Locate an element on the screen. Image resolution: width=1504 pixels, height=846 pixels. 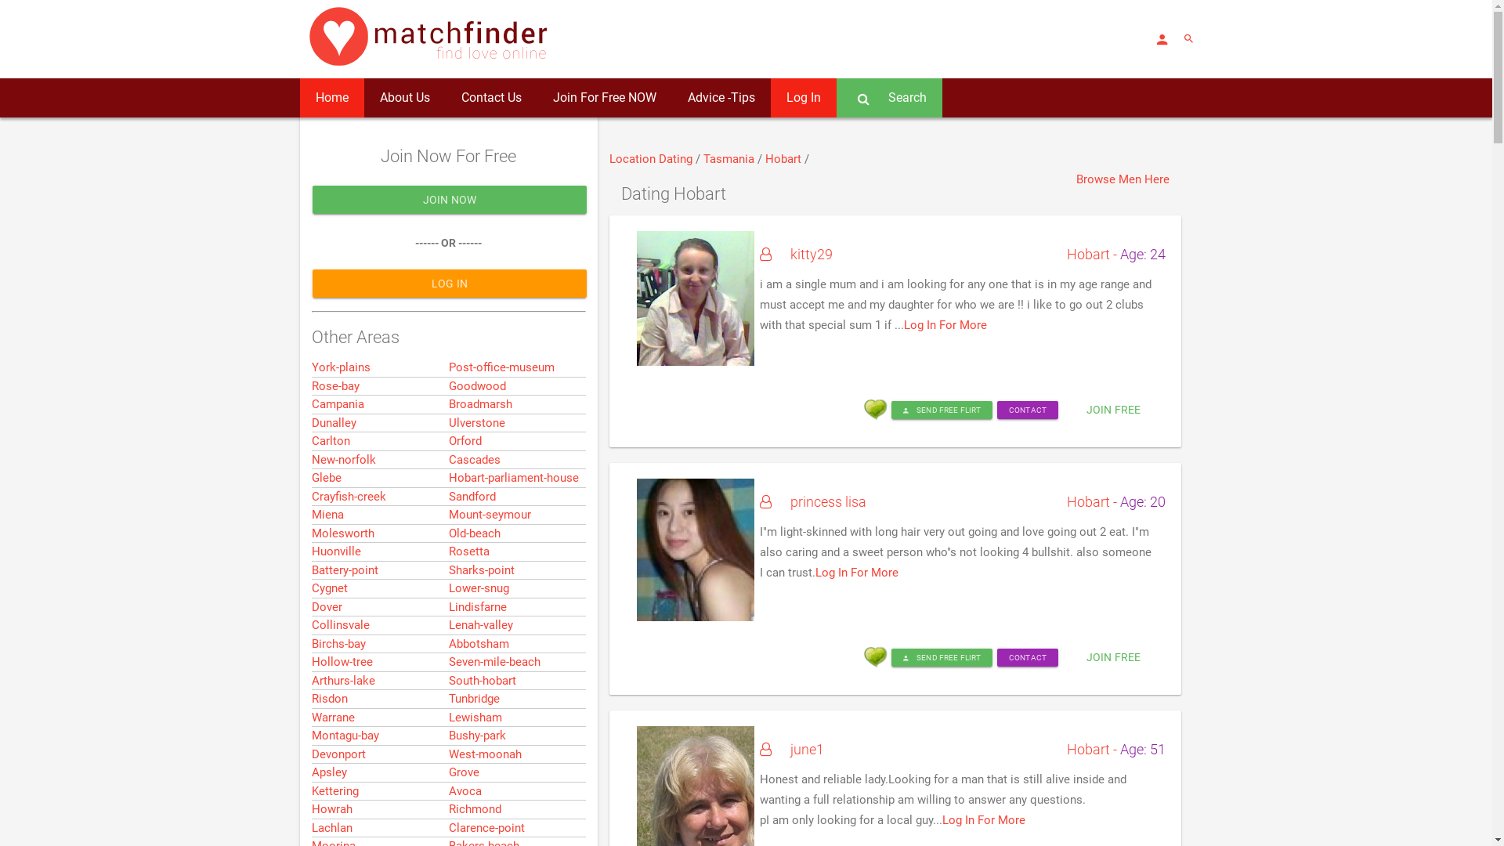
'Lachlan' is located at coordinates (312, 826).